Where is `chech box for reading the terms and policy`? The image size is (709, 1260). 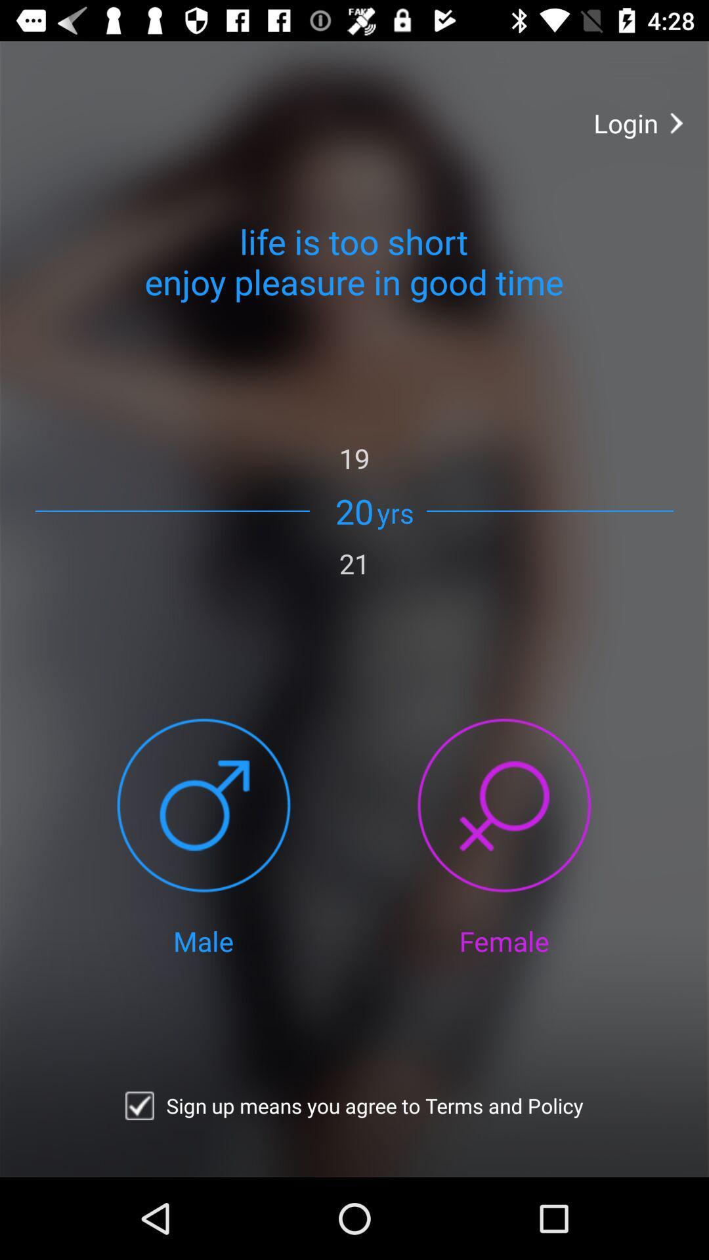
chech box for reading the terms and policy is located at coordinates (139, 1105).